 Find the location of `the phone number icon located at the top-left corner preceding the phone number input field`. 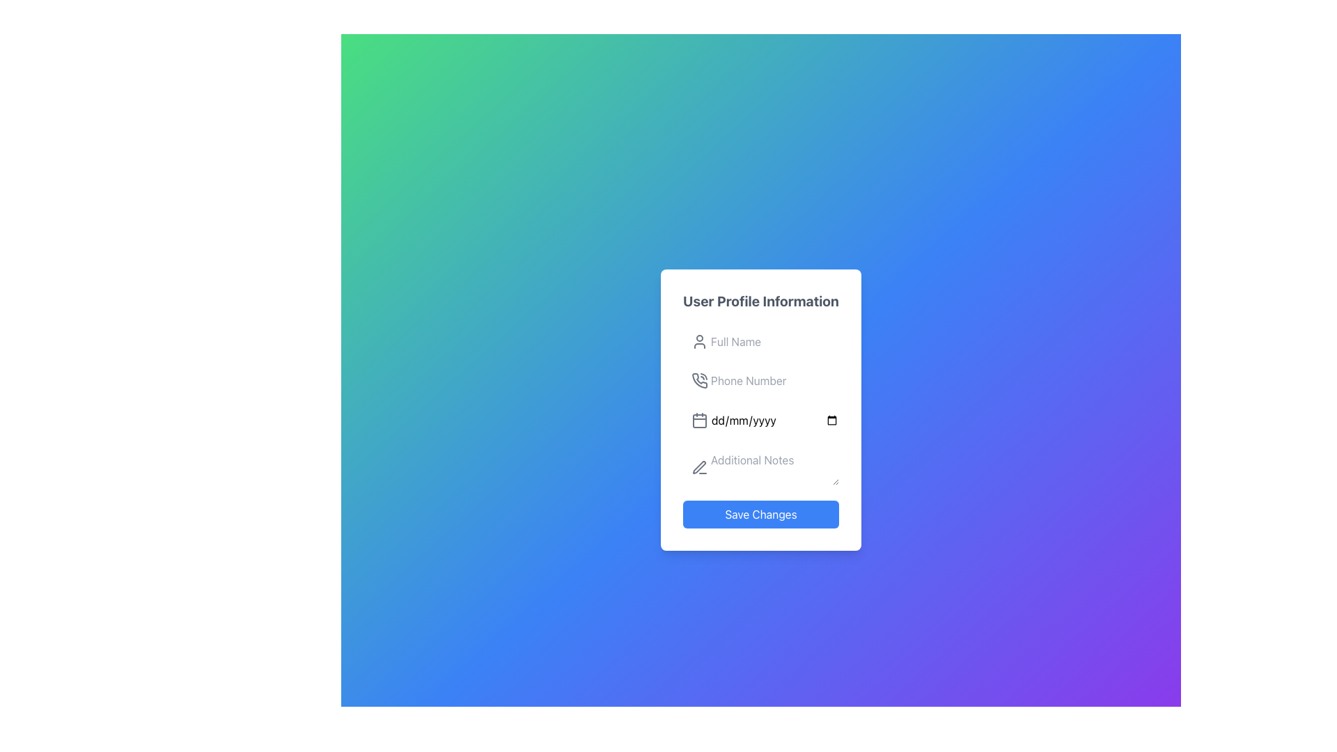

the phone number icon located at the top-left corner preceding the phone number input field is located at coordinates (699, 381).